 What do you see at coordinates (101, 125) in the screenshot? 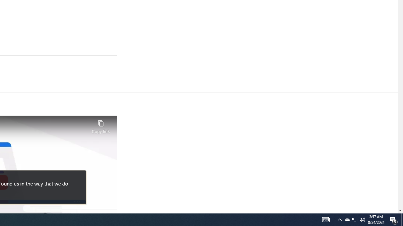
I see `'Copy link'` at bounding box center [101, 125].